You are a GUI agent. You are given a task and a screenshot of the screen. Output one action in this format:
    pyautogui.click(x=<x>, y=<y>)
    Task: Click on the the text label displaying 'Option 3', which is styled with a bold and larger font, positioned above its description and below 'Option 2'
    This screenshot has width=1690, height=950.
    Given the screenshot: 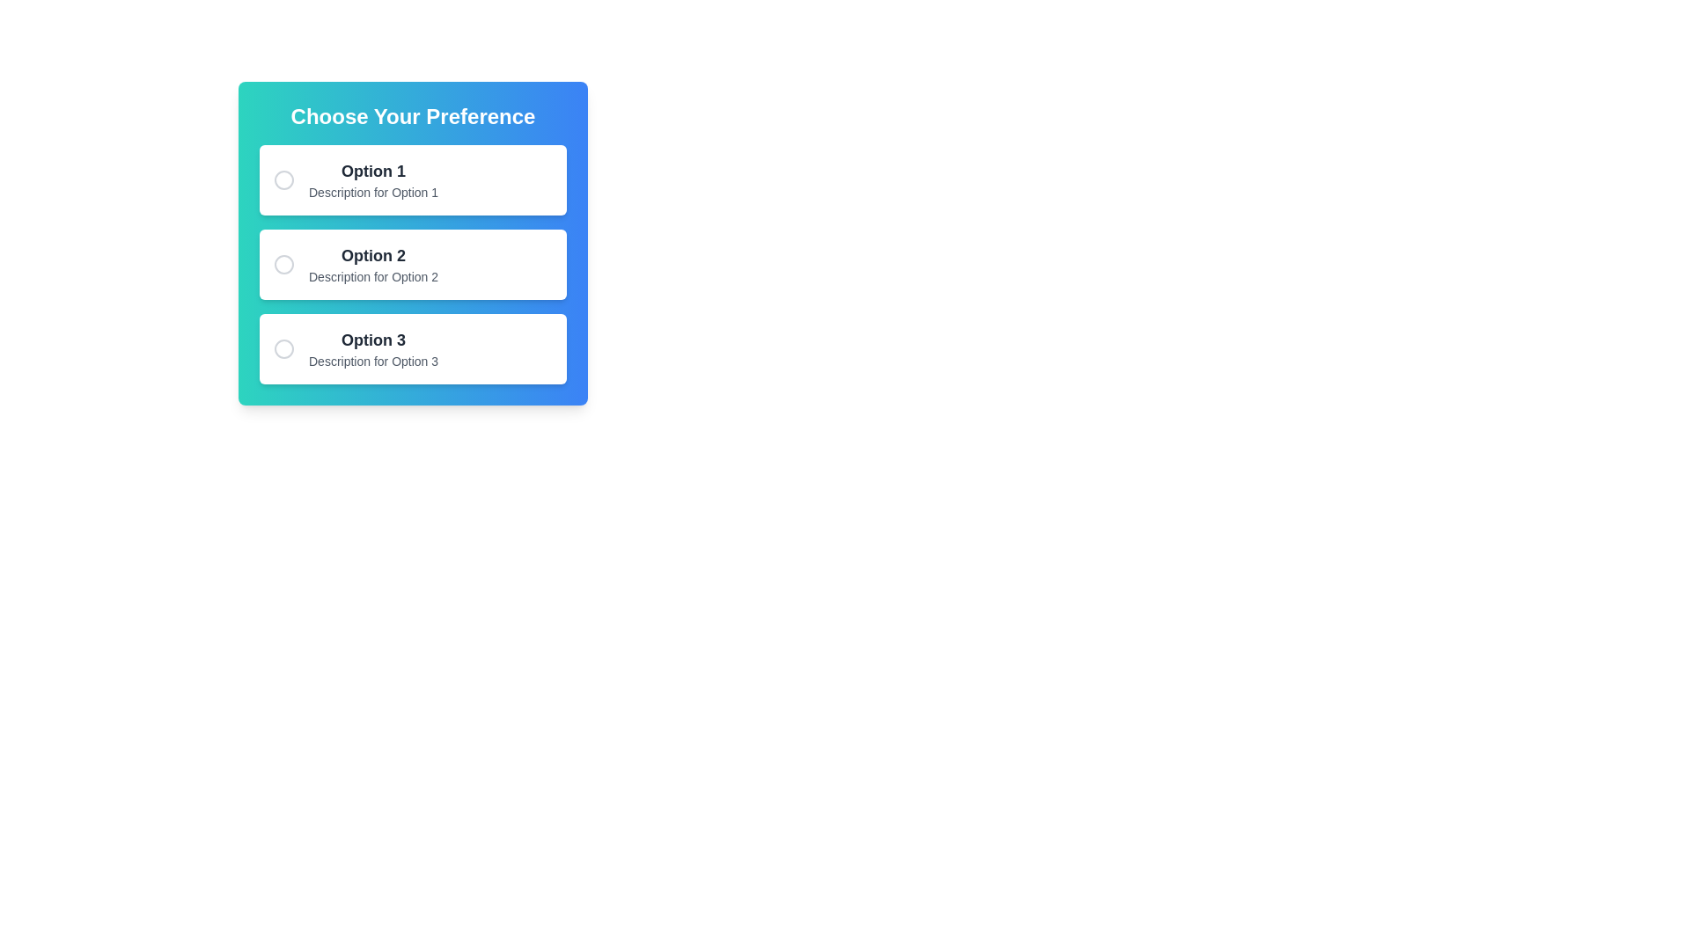 What is the action you would take?
    pyautogui.click(x=372, y=340)
    